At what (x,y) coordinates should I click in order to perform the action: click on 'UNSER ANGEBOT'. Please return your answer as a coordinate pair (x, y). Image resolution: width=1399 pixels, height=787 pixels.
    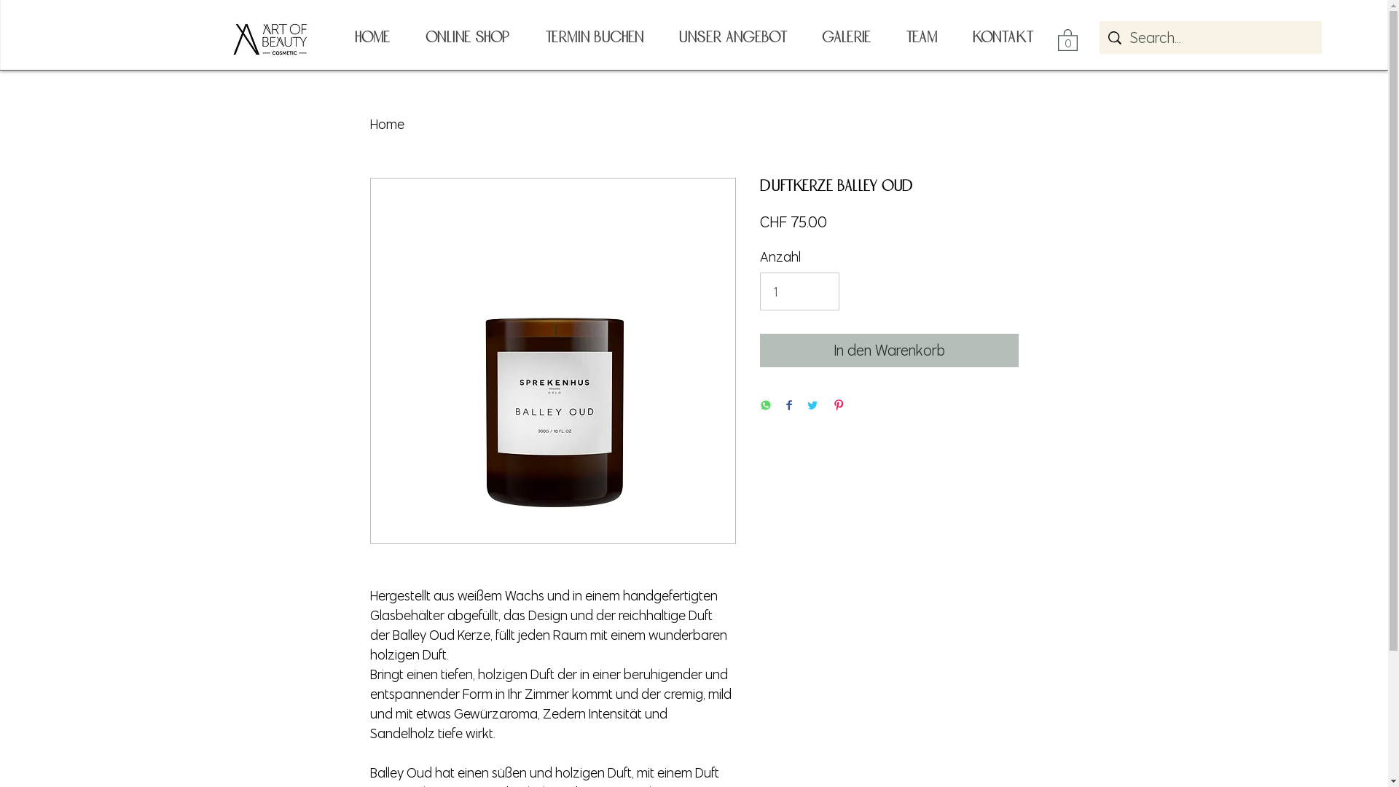
    Looking at the image, I should click on (732, 36).